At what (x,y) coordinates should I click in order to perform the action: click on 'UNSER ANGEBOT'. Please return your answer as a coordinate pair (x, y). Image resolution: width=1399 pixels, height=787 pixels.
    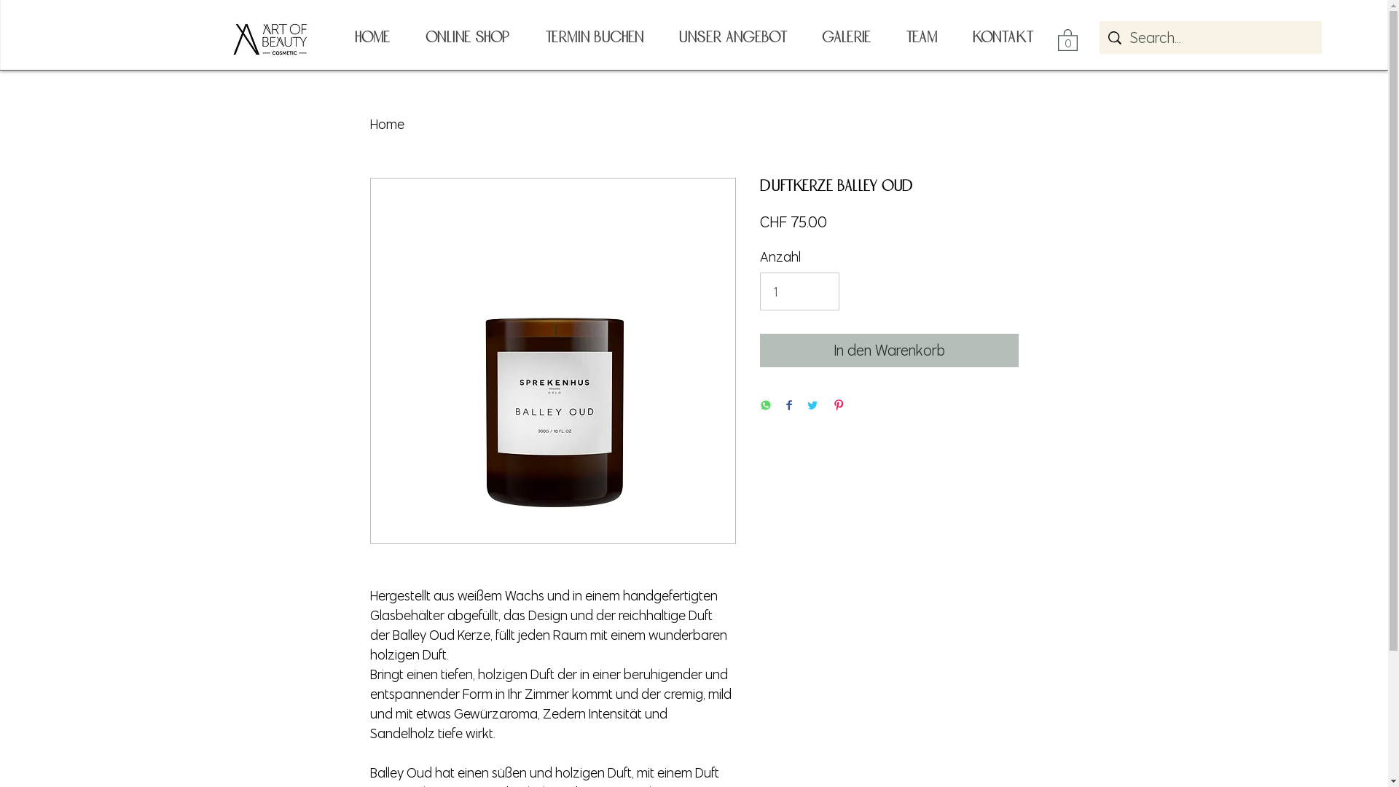
    Looking at the image, I should click on (732, 36).